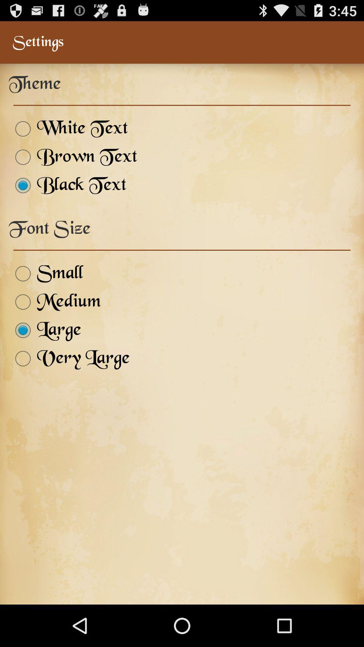 This screenshot has height=647, width=364. Describe the element at coordinates (67, 185) in the screenshot. I see `the icon above the font size icon` at that location.